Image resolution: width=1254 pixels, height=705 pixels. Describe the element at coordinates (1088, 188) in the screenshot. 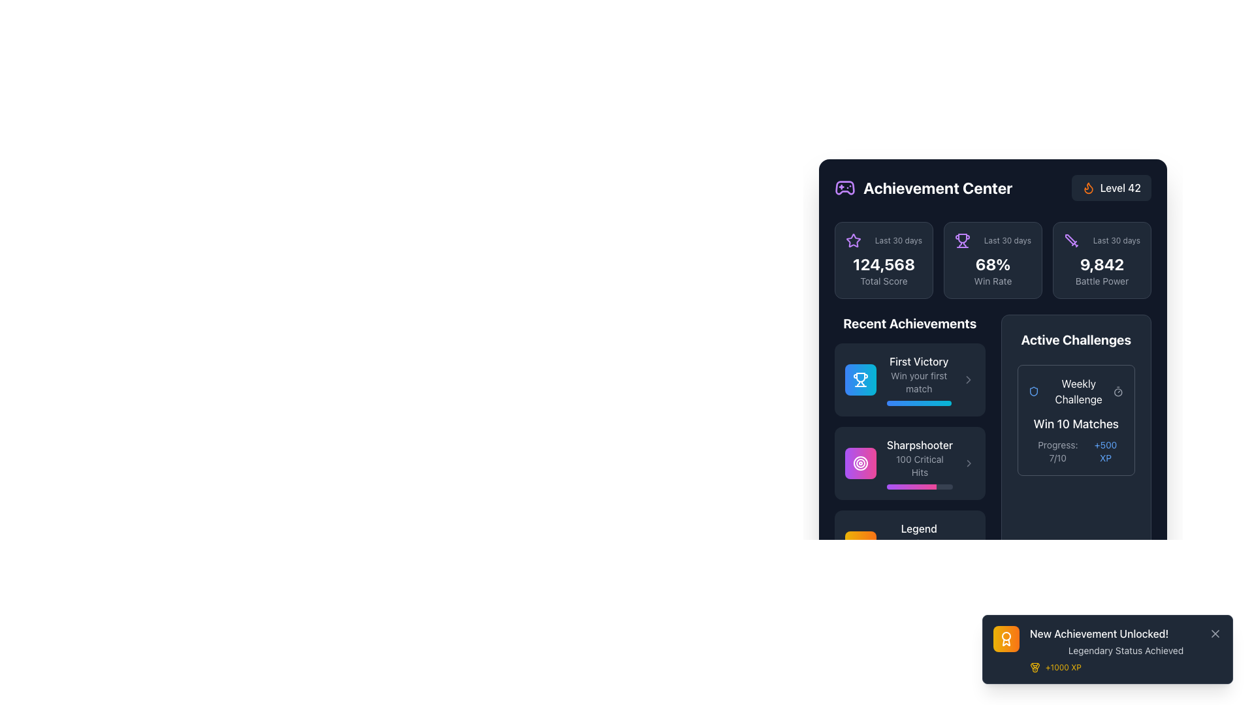

I see `the flame-shaped icon with an orange fill in the 'Level 42' badge area of the 'Achievement Center' header` at that location.